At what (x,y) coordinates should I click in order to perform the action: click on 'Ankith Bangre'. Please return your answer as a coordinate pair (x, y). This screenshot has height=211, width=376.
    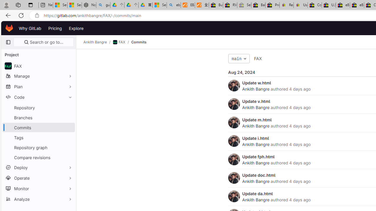
    Looking at the image, I should click on (256, 199).